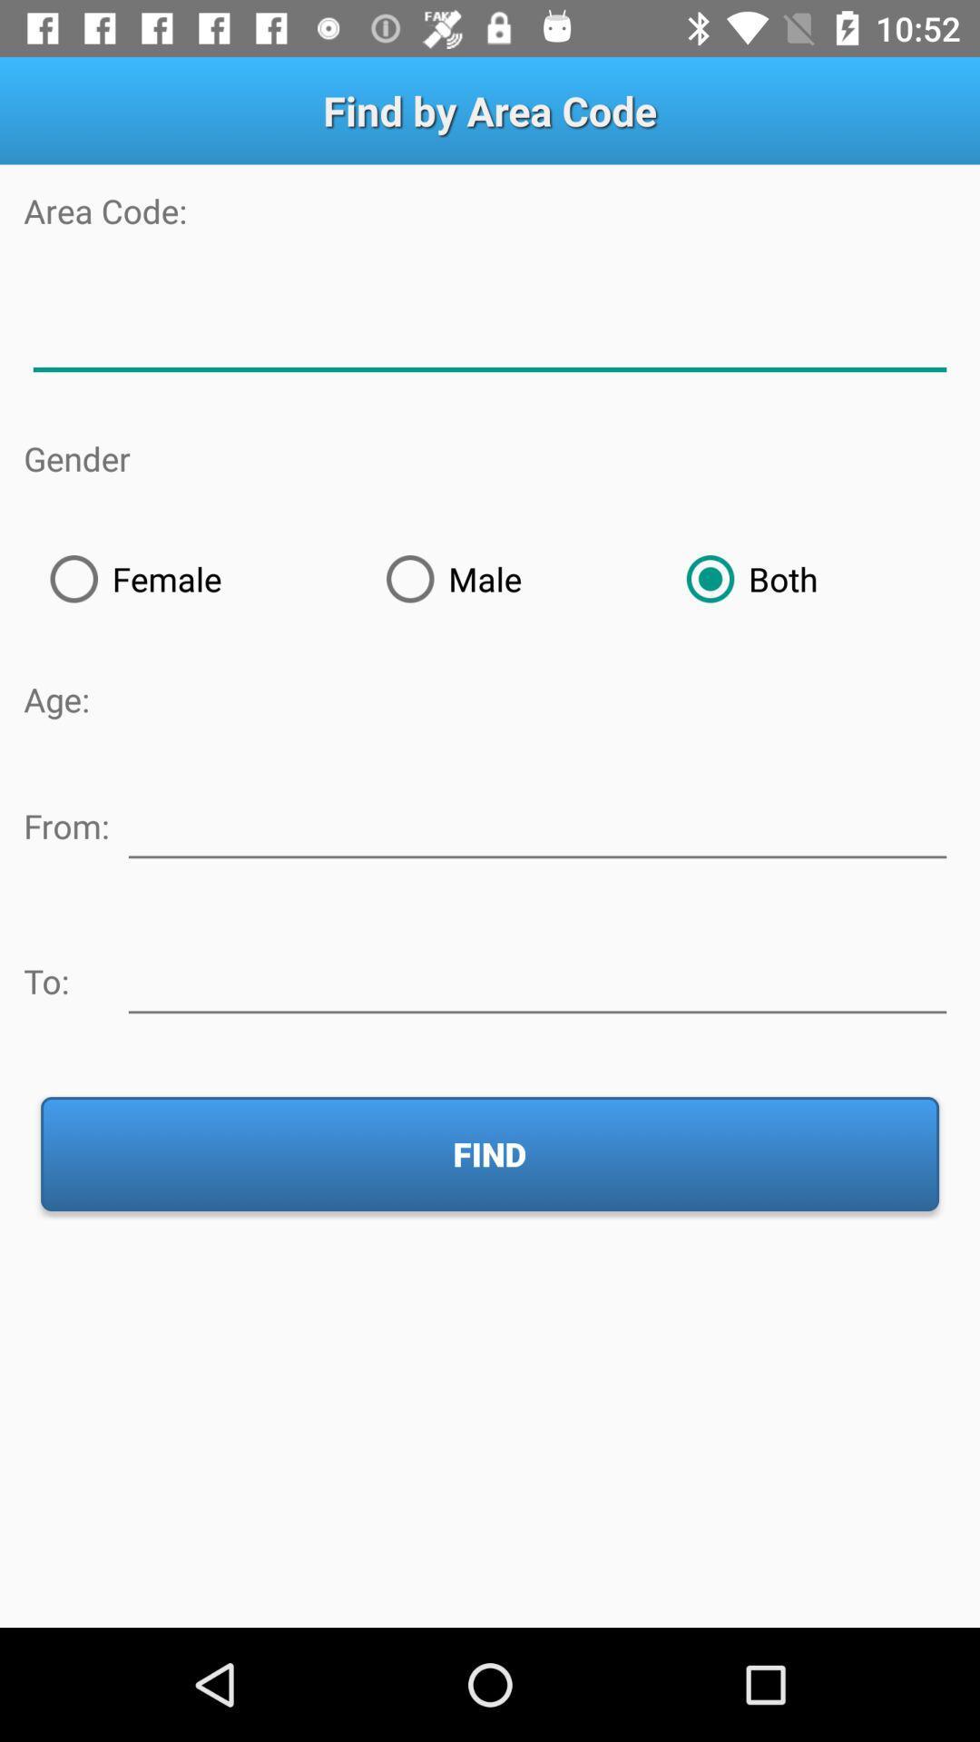 This screenshot has height=1742, width=980. Describe the element at coordinates (536, 977) in the screenshot. I see `type the location to` at that location.